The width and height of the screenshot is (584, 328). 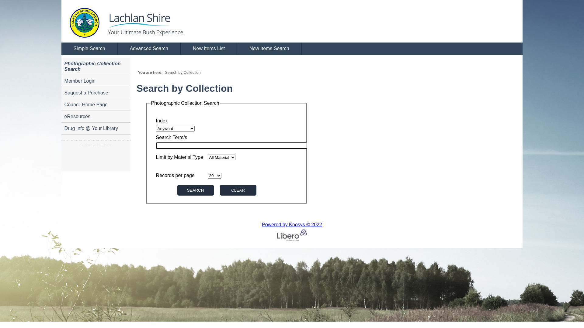 What do you see at coordinates (177, 190) in the screenshot?
I see `'Alt-1'` at bounding box center [177, 190].